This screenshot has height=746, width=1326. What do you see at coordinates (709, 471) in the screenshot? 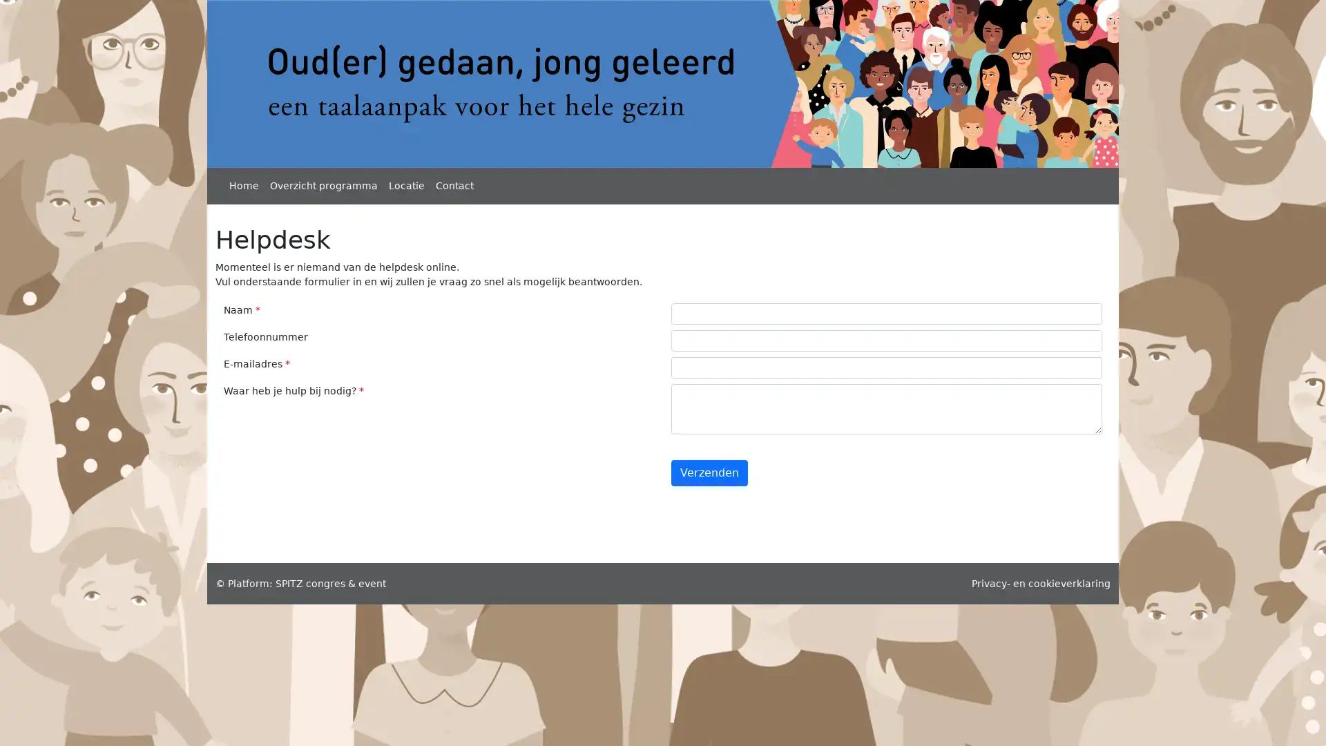
I see `Verzenden` at bounding box center [709, 471].